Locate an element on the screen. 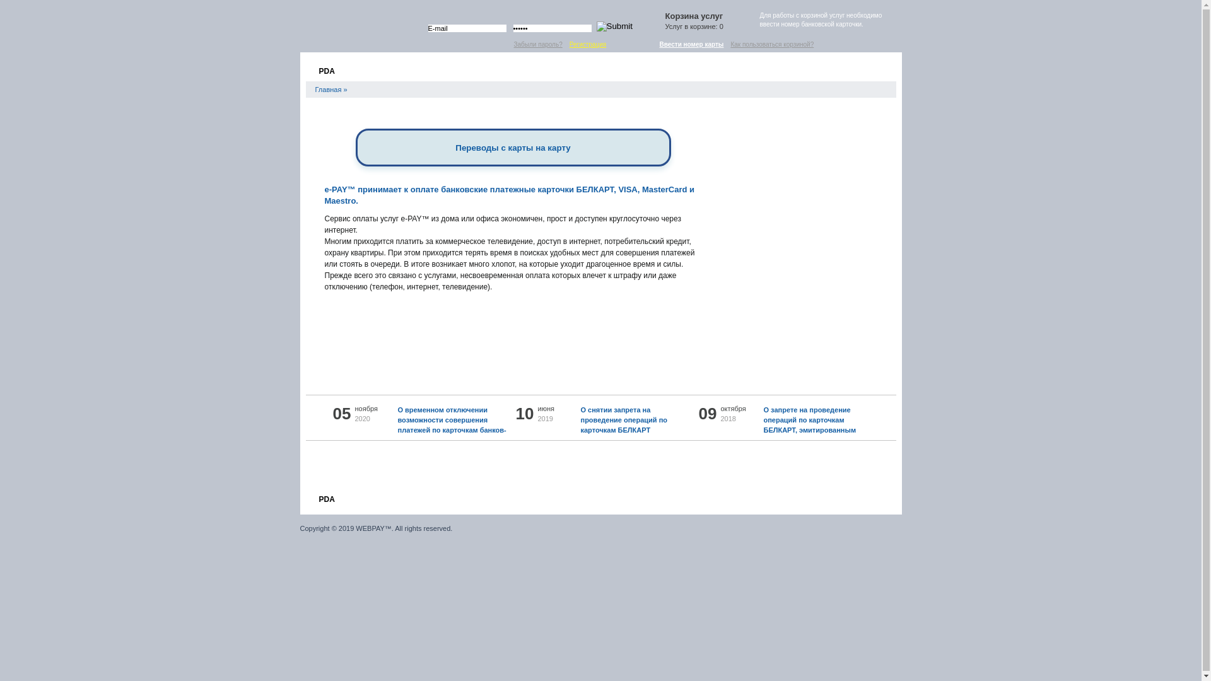 This screenshot has height=681, width=1211. 'PDA' is located at coordinates (325, 69).